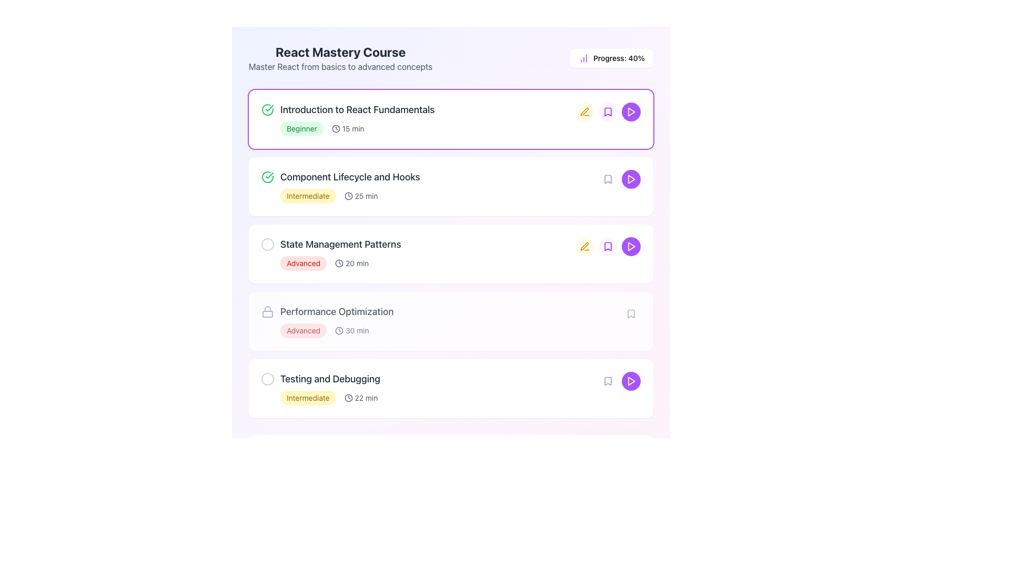 The image size is (1010, 568). What do you see at coordinates (584, 247) in the screenshot?
I see `the editing icon button for the course 'Introduction to React Fundamentals', which is positioned within a yellow circular background and is the leftmost element in a trio of icons` at bounding box center [584, 247].